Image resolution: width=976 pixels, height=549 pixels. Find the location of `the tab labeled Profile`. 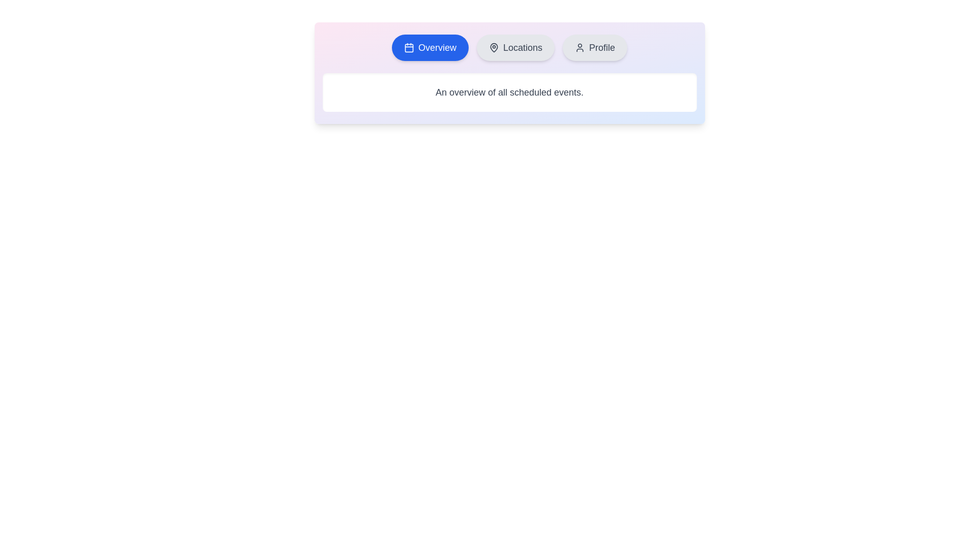

the tab labeled Profile is located at coordinates (595, 47).